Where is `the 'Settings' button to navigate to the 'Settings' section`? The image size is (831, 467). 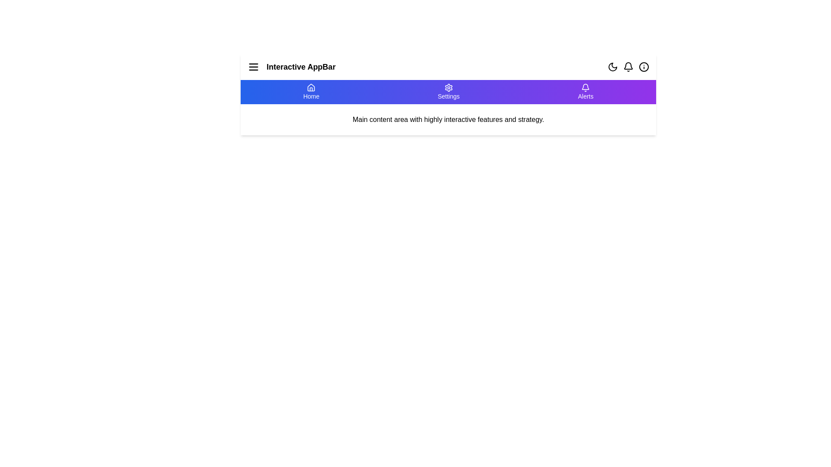 the 'Settings' button to navigate to the 'Settings' section is located at coordinates (448, 92).